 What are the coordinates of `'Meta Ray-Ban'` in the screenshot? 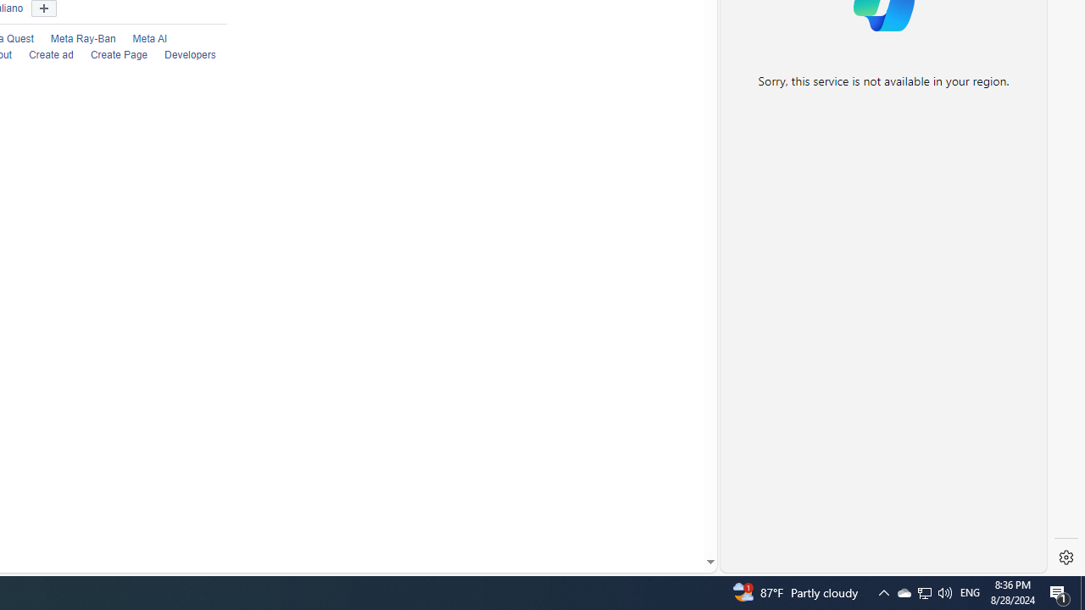 It's located at (73, 38).